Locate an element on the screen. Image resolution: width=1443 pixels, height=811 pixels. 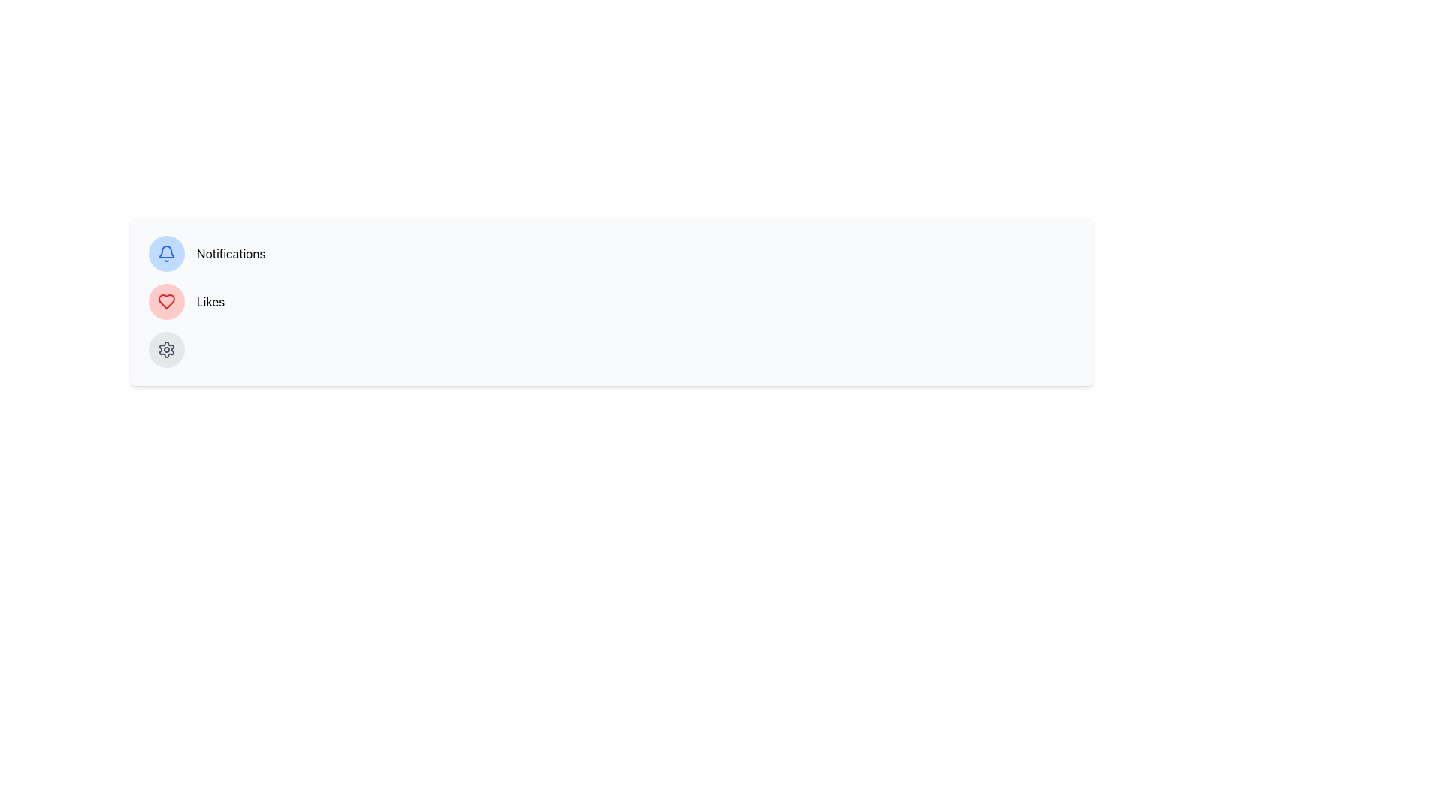
the circular settings gear icon button, which has a gray outline and a hollow center is located at coordinates (166, 350).